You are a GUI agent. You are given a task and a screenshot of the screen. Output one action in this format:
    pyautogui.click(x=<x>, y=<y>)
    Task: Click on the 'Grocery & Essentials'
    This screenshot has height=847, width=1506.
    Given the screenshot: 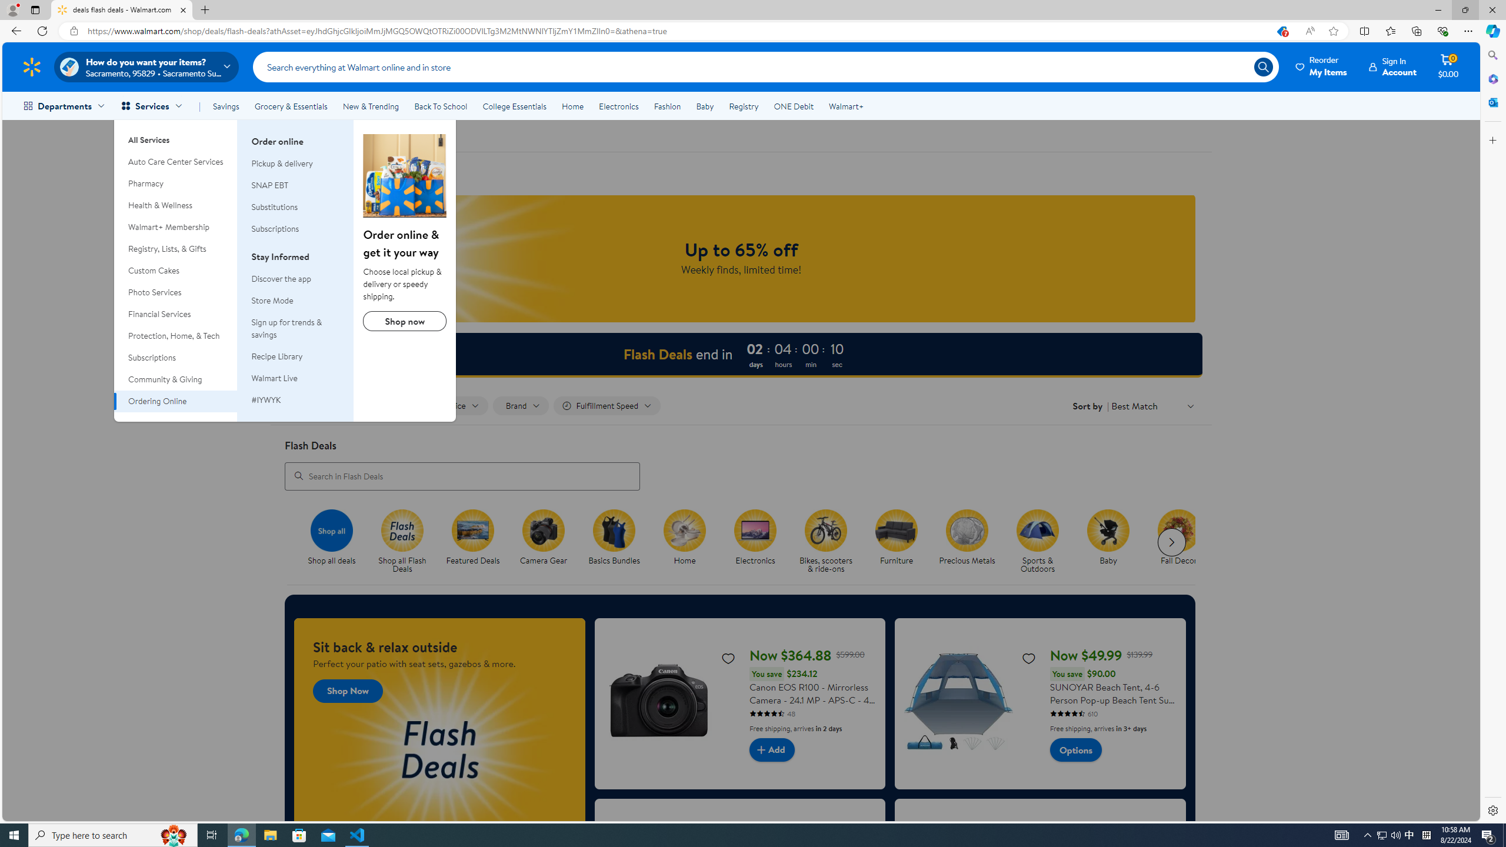 What is the action you would take?
    pyautogui.click(x=290, y=106)
    